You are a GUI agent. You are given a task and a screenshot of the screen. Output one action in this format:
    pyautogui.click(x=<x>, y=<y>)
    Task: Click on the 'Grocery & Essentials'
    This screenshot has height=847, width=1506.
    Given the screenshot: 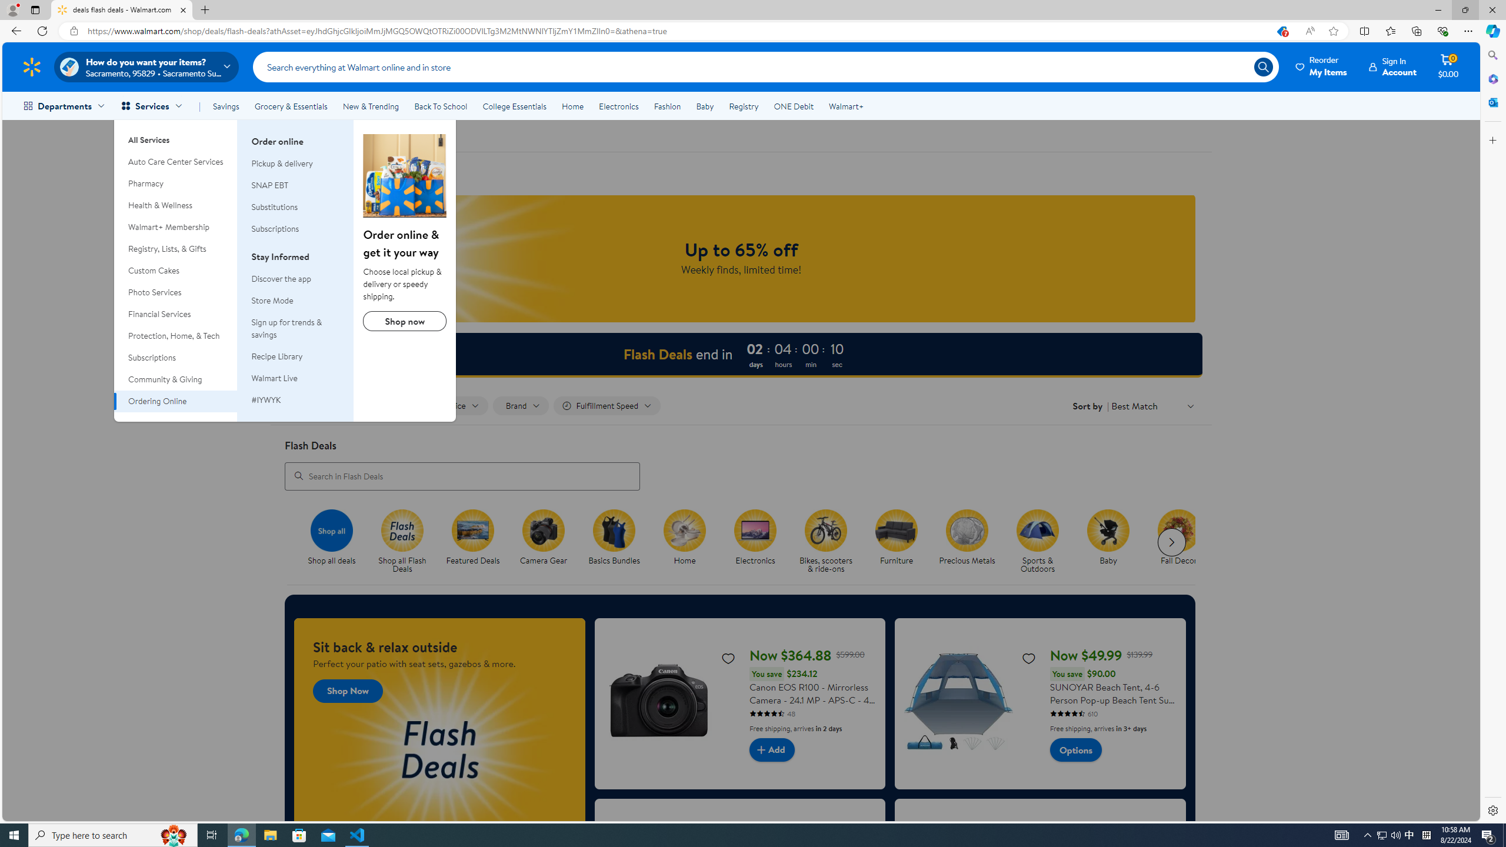 What is the action you would take?
    pyautogui.click(x=290, y=106)
    